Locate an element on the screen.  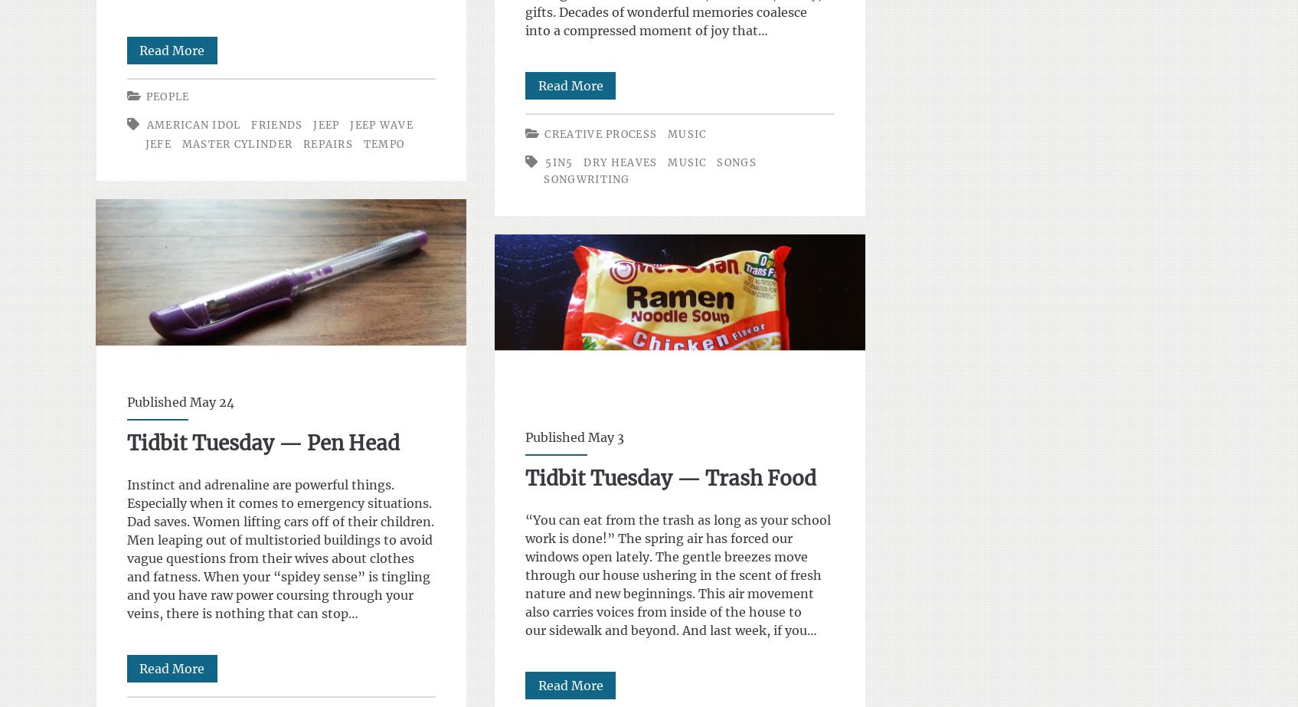
'american idol' is located at coordinates (192, 124).